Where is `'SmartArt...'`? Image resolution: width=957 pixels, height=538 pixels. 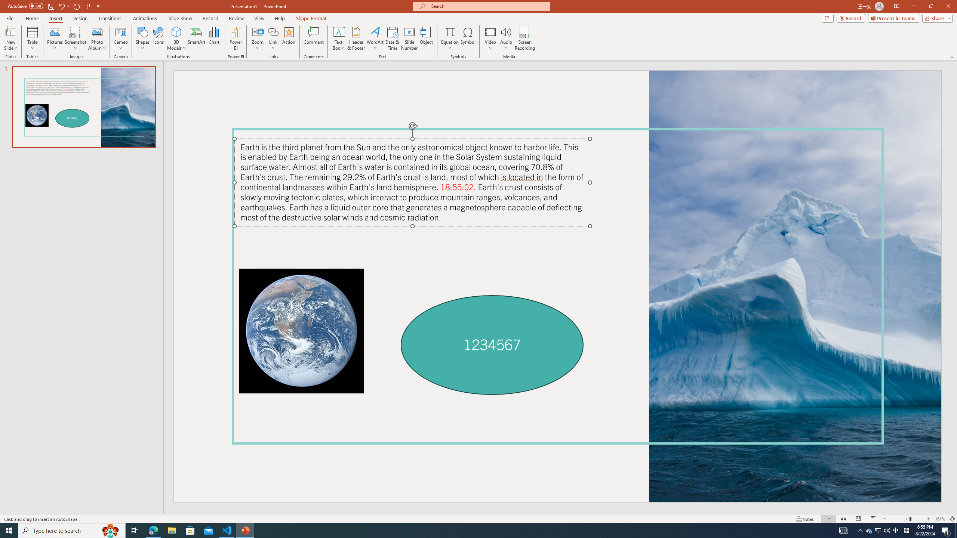
'SmartArt...' is located at coordinates (196, 38).